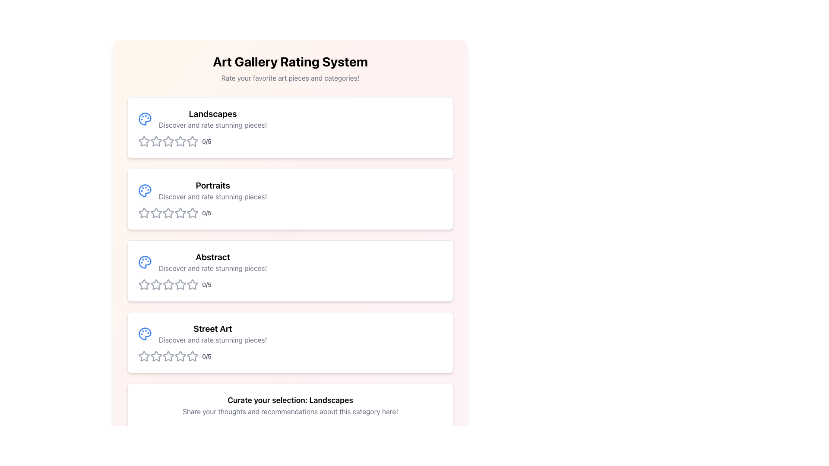 This screenshot has width=829, height=466. I want to click on the first gray outlined five-pointed star in the rating section of the 'Portraits' category to rate, so click(156, 213).